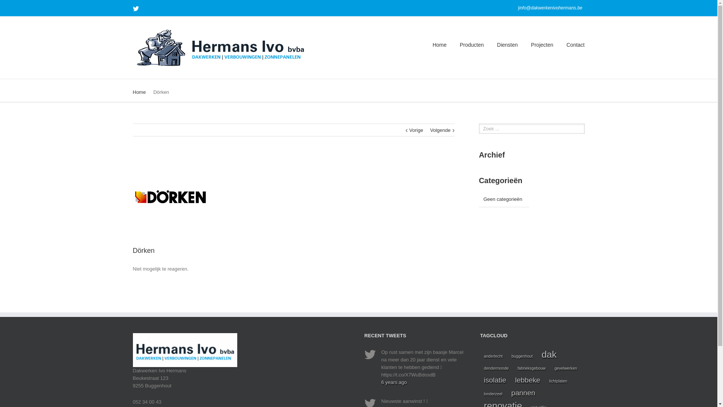 Image resolution: width=723 pixels, height=407 pixels. What do you see at coordinates (566, 367) in the screenshot?
I see `'gevelwerken'` at bounding box center [566, 367].